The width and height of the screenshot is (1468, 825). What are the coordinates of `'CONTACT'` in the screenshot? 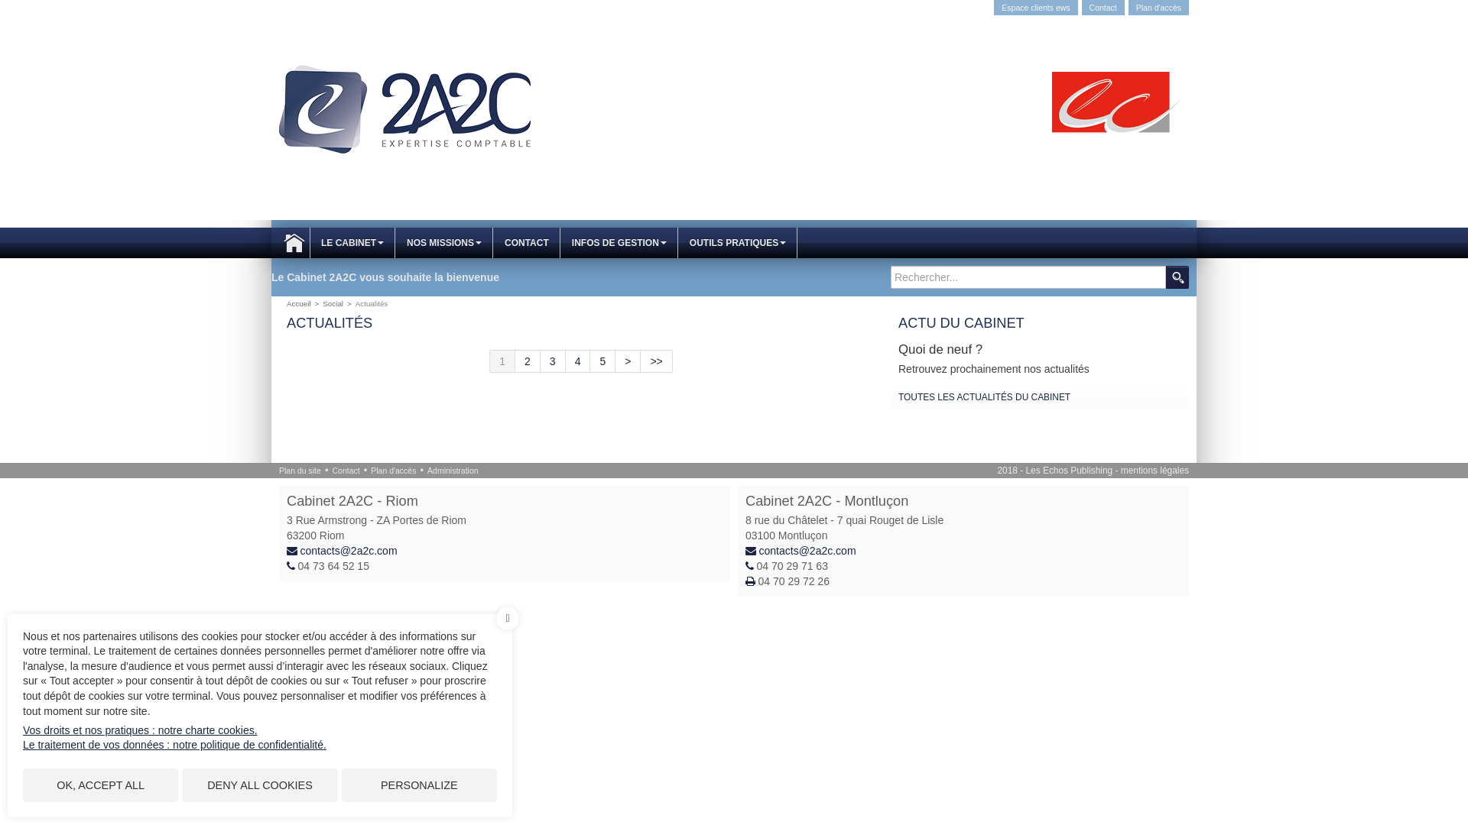 It's located at (492, 241).